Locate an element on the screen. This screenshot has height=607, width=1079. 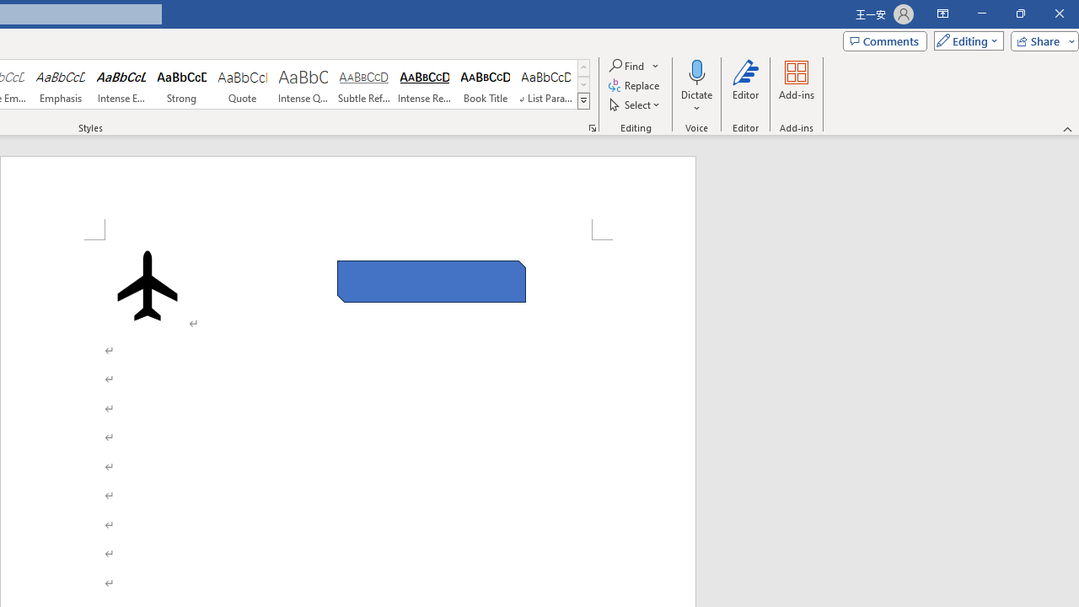
'Restore Down' is located at coordinates (1019, 13).